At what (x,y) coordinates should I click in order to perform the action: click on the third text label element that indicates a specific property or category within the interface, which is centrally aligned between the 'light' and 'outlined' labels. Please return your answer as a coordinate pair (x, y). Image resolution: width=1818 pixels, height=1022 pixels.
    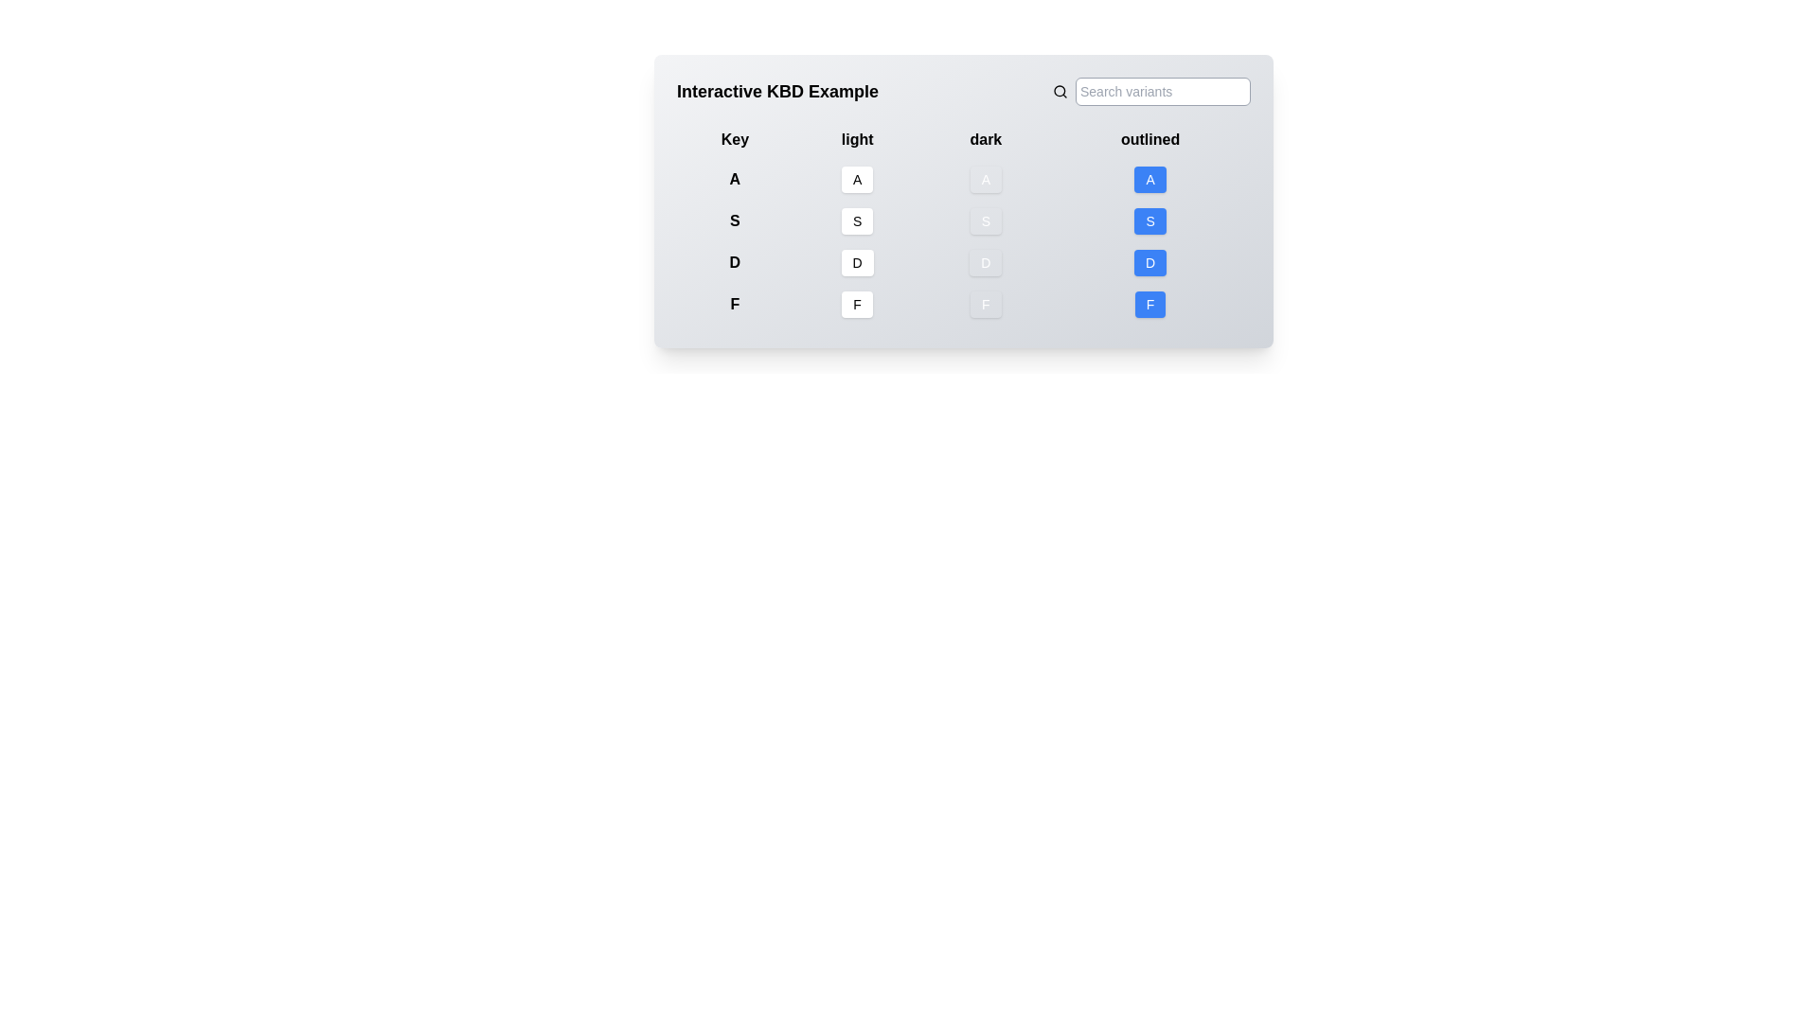
    Looking at the image, I should click on (985, 138).